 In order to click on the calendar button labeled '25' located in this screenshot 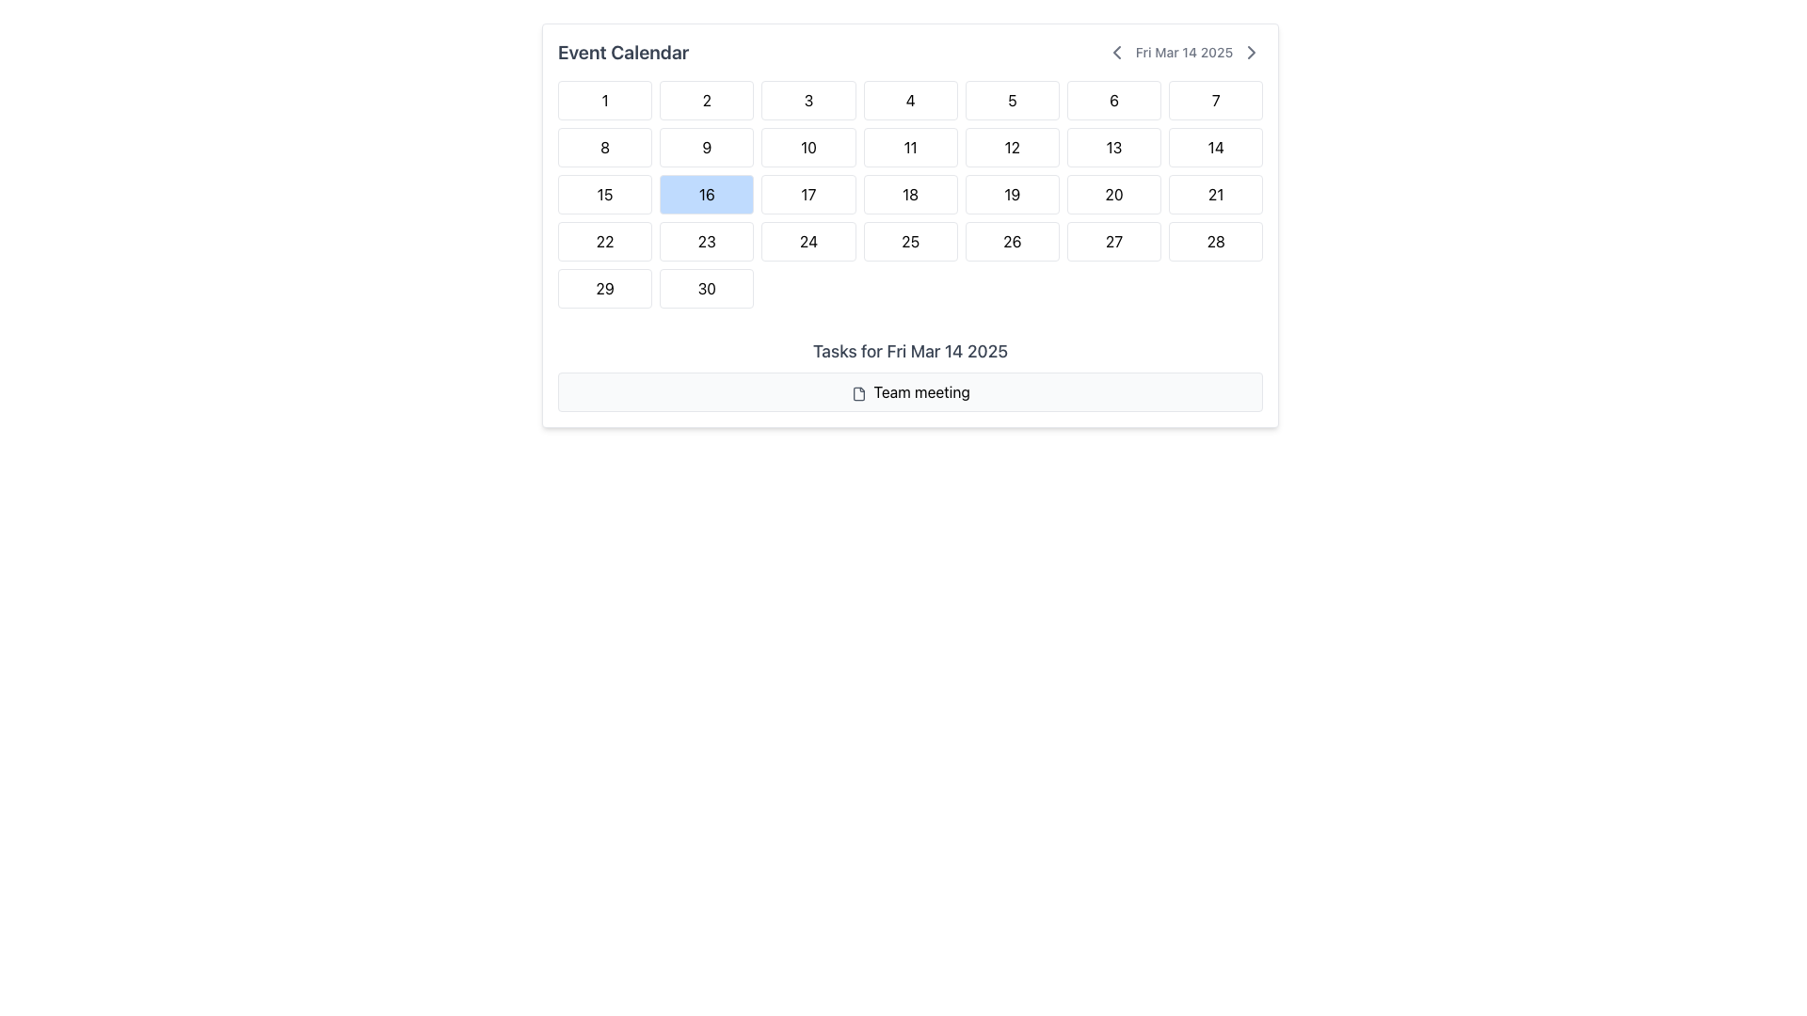, I will do `click(910, 241)`.